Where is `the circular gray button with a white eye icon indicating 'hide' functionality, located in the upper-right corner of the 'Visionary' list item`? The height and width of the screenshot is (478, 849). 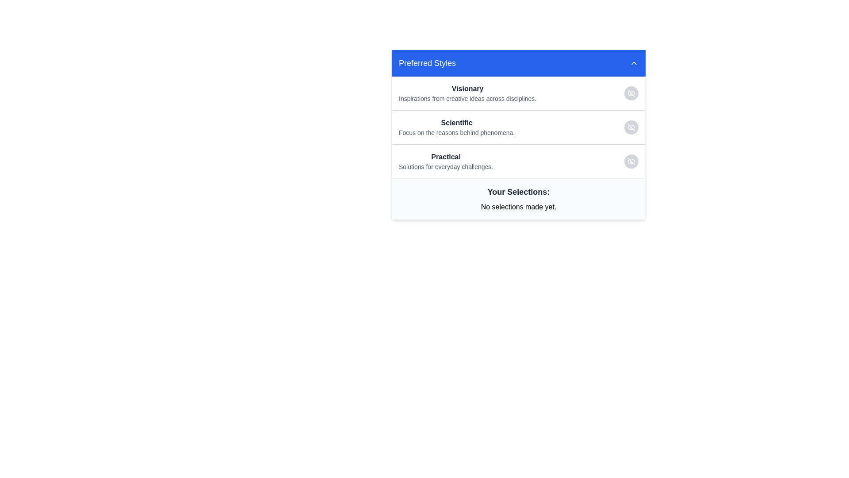
the circular gray button with a white eye icon indicating 'hide' functionality, located in the upper-right corner of the 'Visionary' list item is located at coordinates (631, 93).